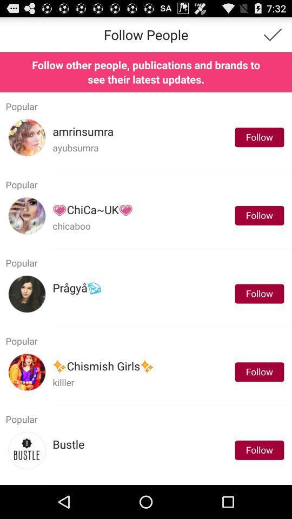 This screenshot has height=519, width=292. I want to click on the app below popular icon, so click(92, 209).